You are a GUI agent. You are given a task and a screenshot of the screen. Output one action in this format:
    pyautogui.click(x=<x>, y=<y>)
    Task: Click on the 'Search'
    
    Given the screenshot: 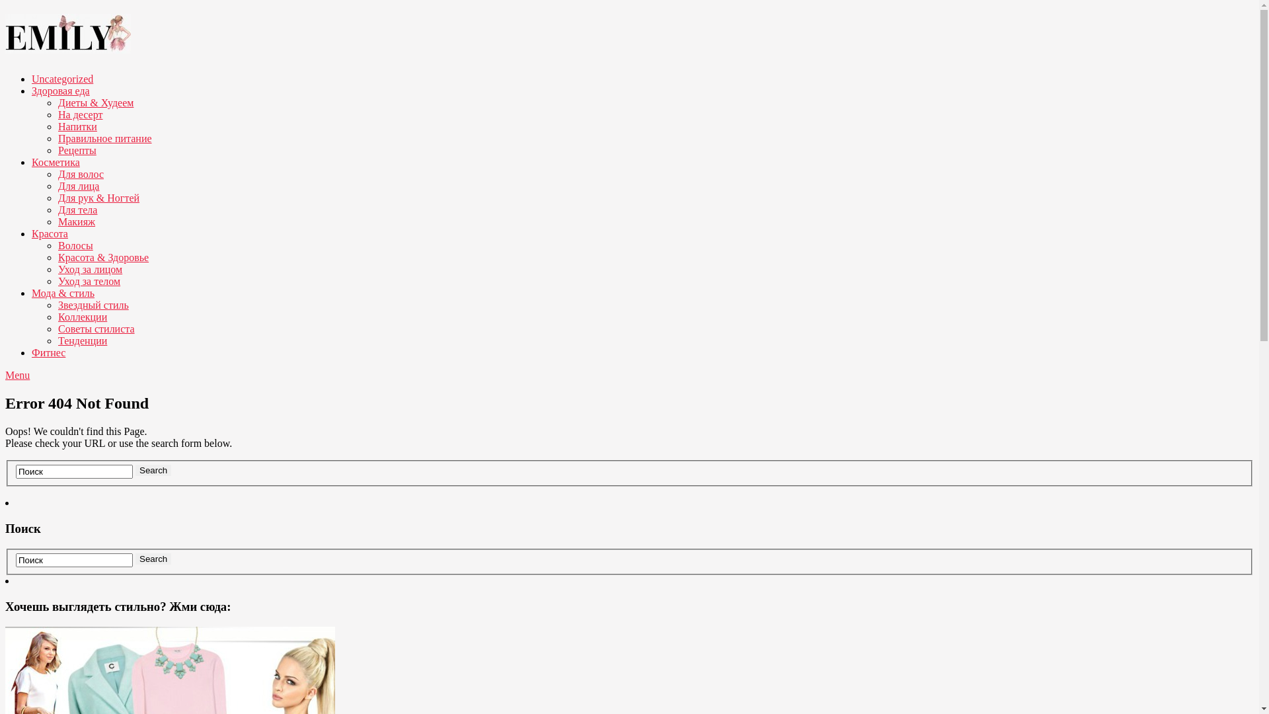 What is the action you would take?
    pyautogui.click(x=153, y=469)
    